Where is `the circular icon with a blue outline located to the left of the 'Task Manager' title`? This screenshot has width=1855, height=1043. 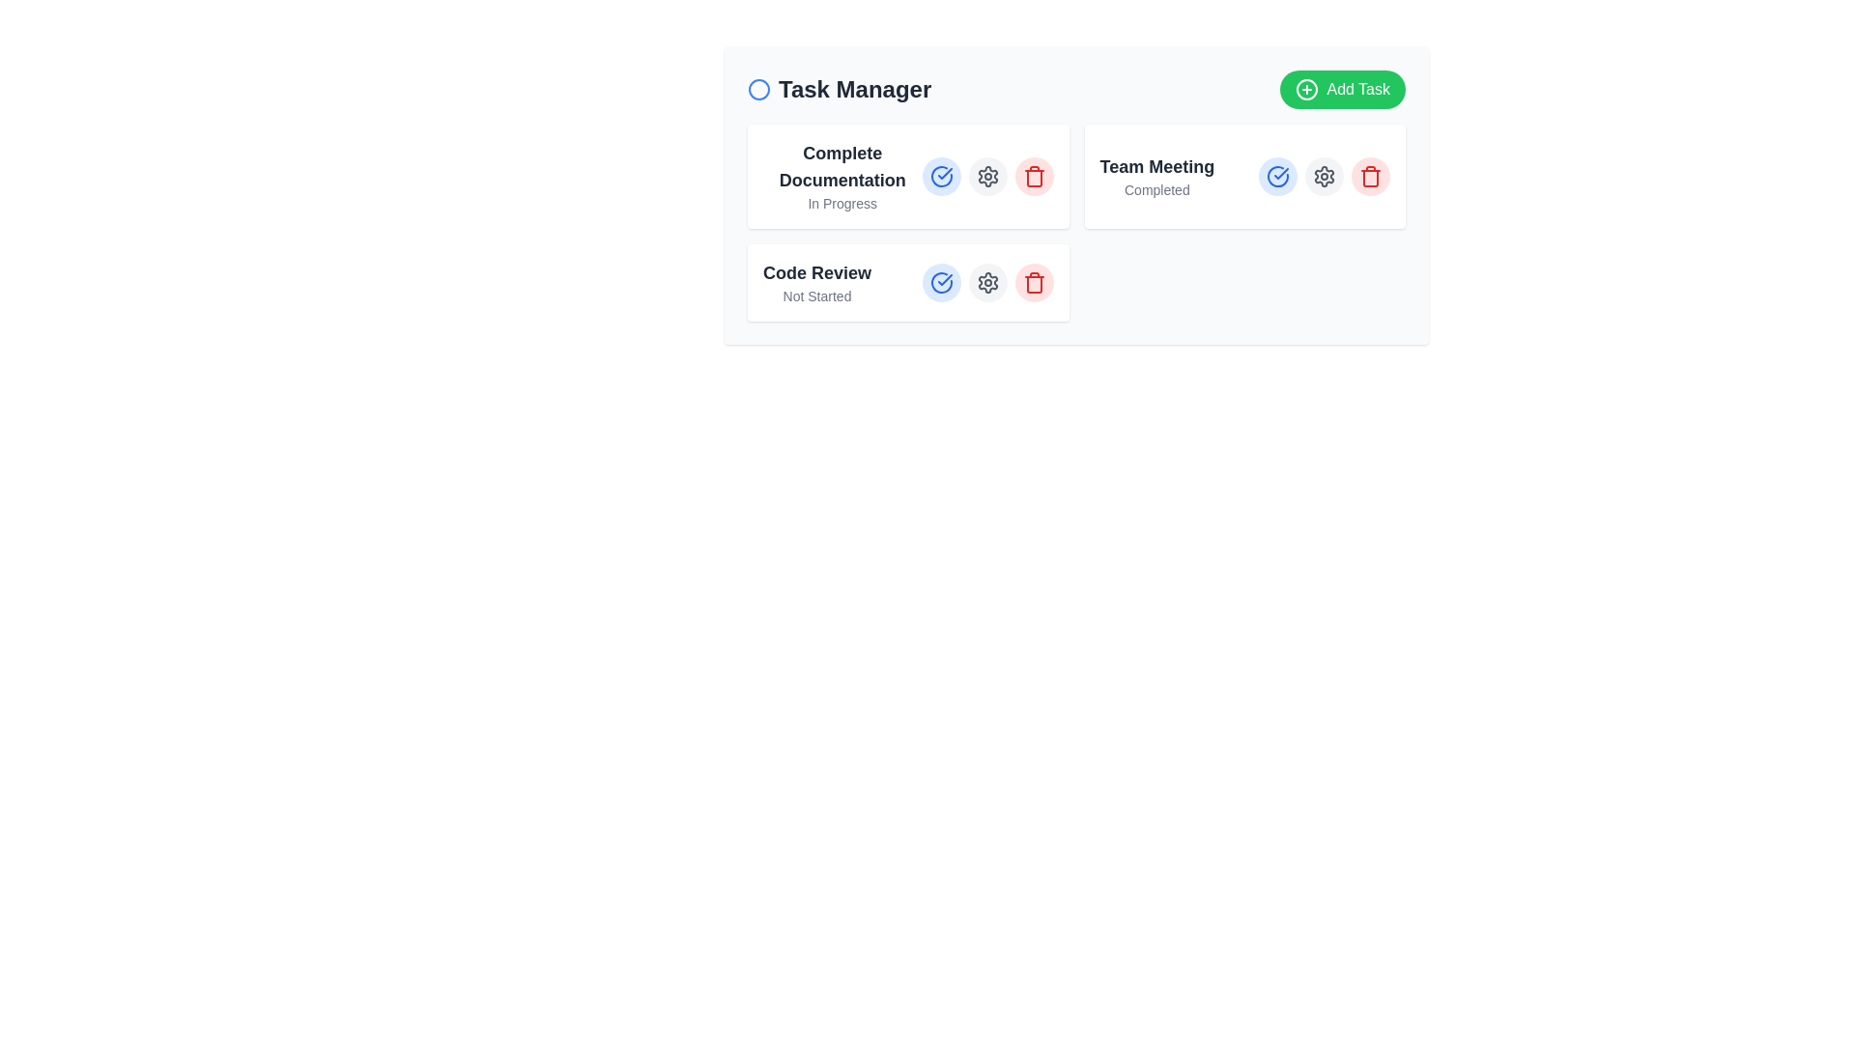 the circular icon with a blue outline located to the left of the 'Task Manager' title is located at coordinates (758, 89).